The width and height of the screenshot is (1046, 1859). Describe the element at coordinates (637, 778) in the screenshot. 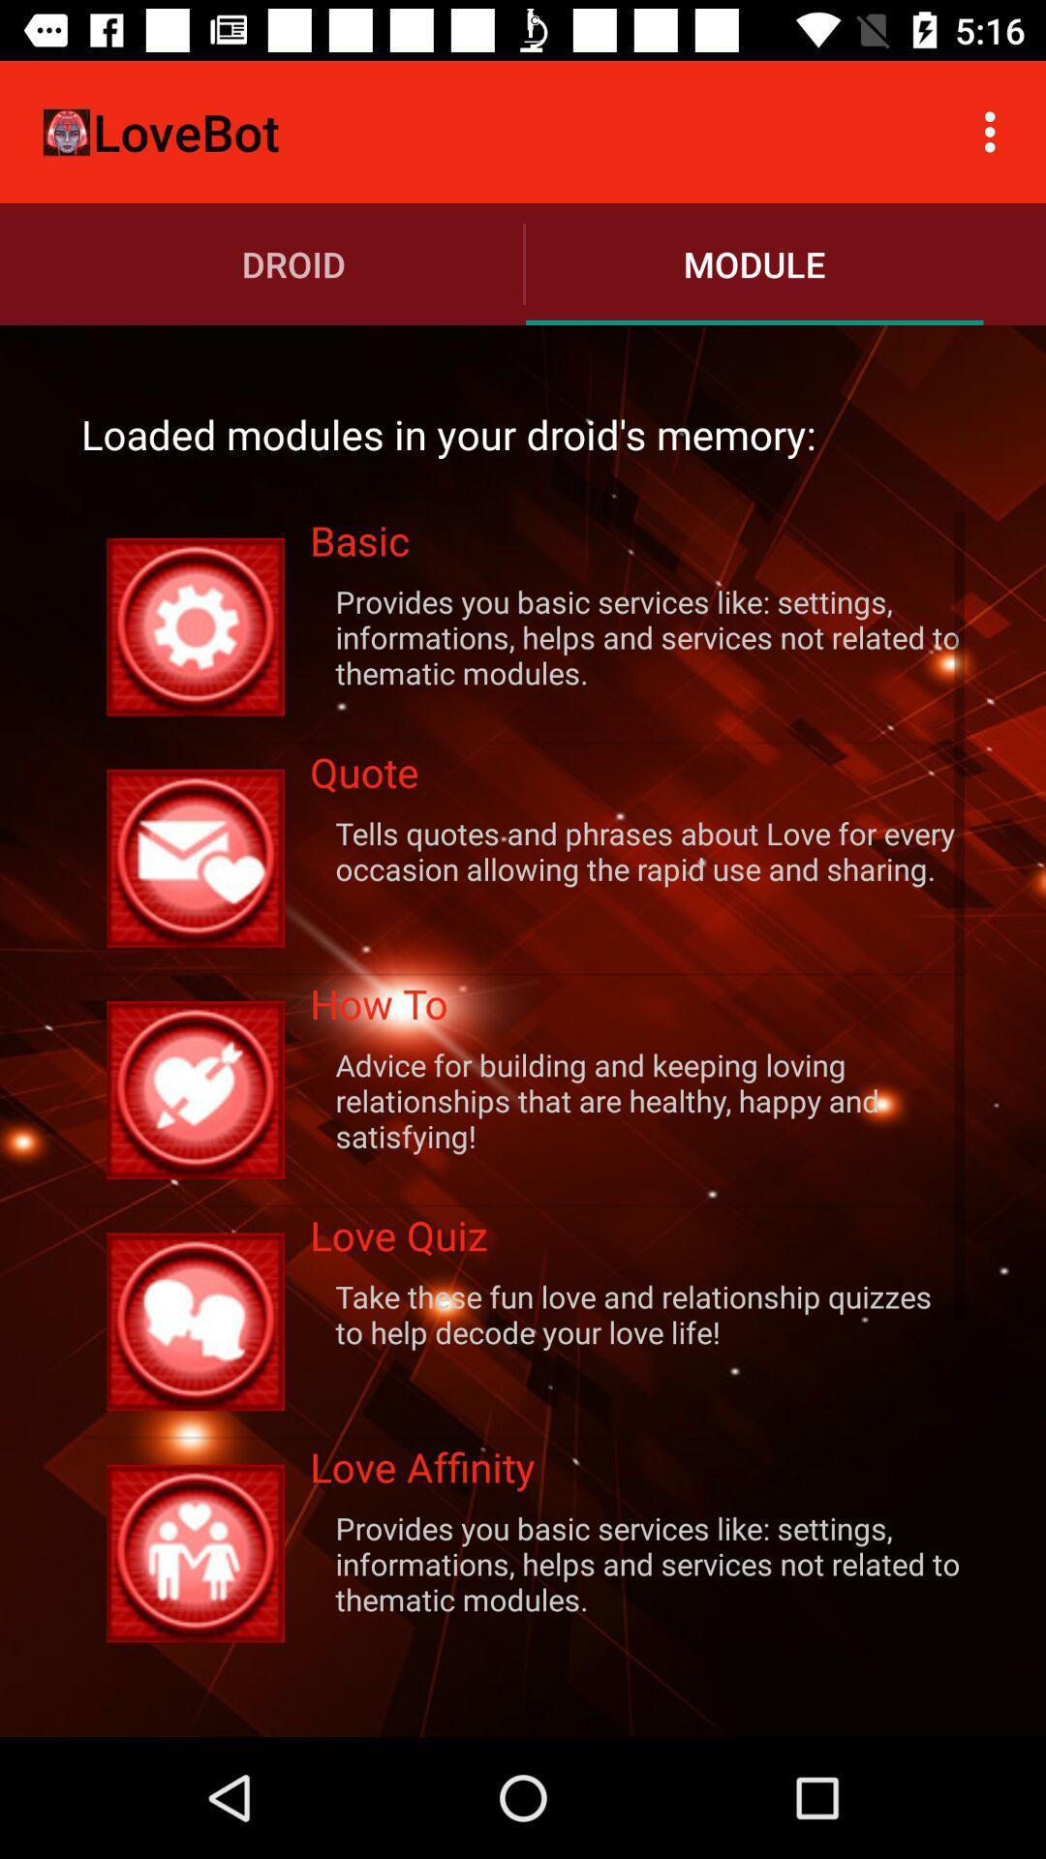

I see `quote item` at that location.